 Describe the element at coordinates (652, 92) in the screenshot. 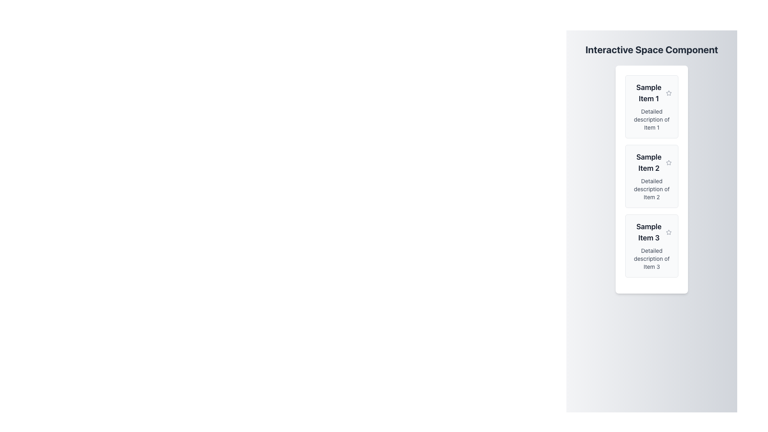

I see `the text label displaying 'Sample Item 1', which is styled in a large, bold font and located at the top of the first card in a vertical list of cards` at that location.